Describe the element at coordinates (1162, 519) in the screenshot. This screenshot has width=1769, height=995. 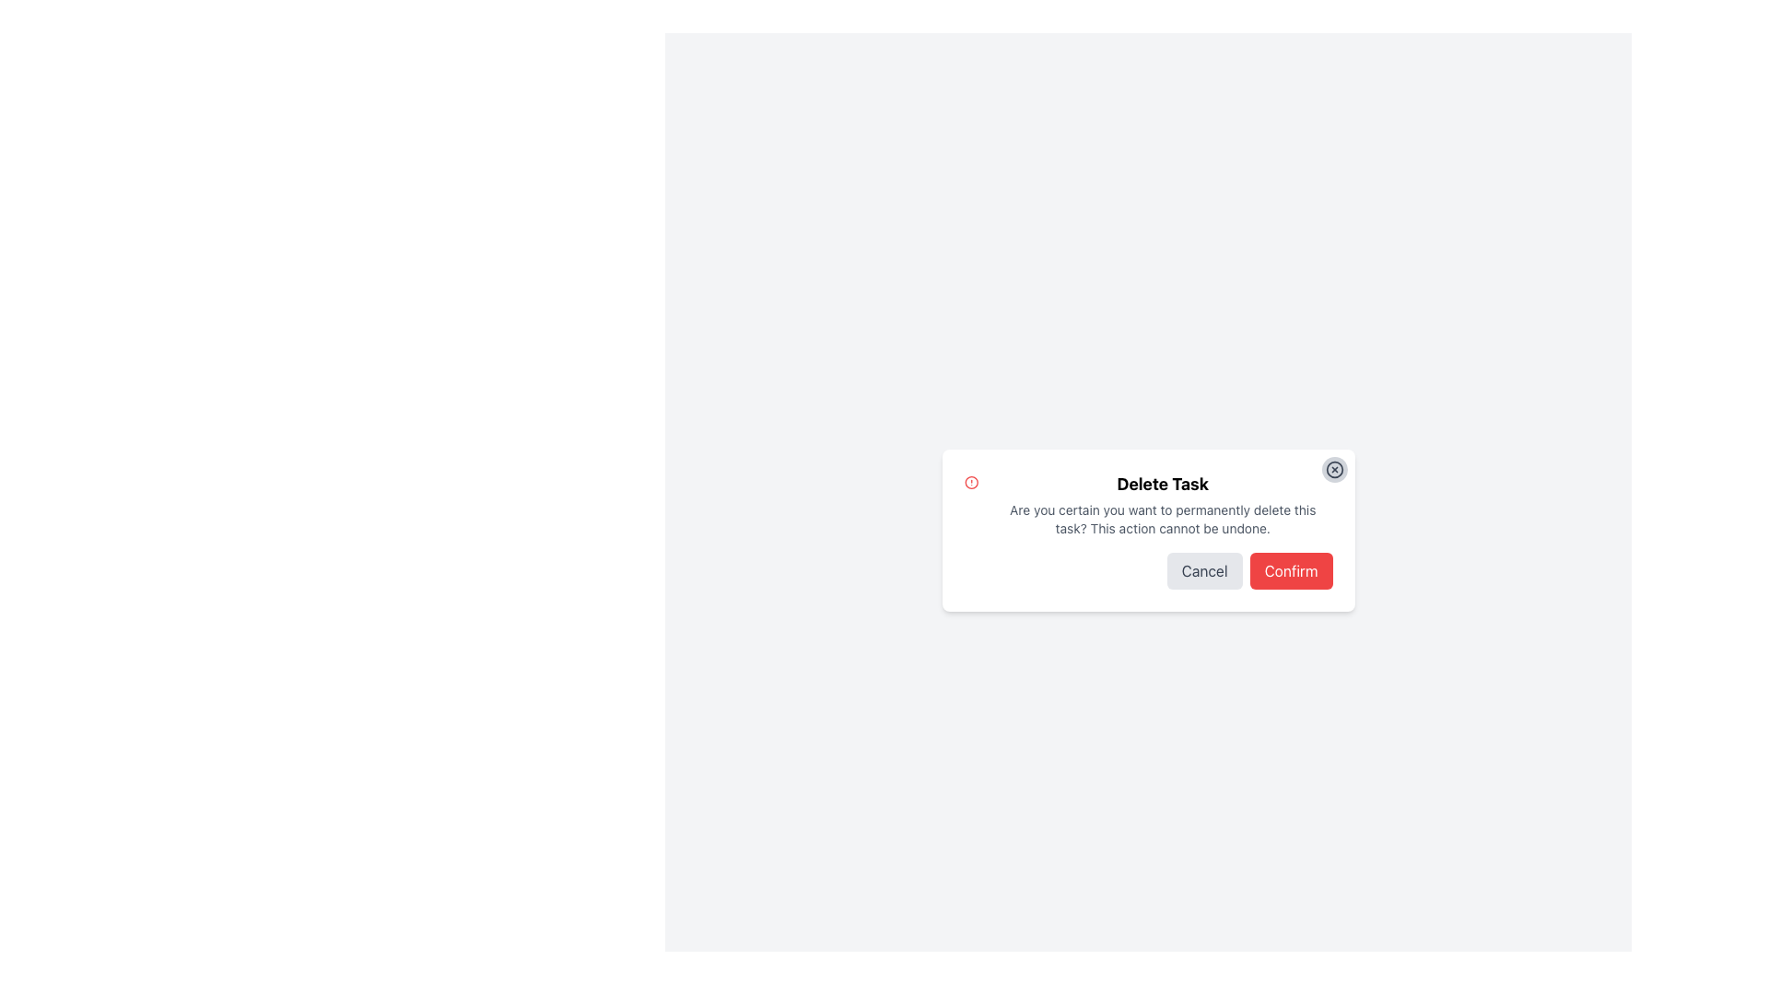
I see `the static informational text that serves as a warning message to inform the user of the consequences of a deletion action, located beneath the title 'Delete Task'` at that location.